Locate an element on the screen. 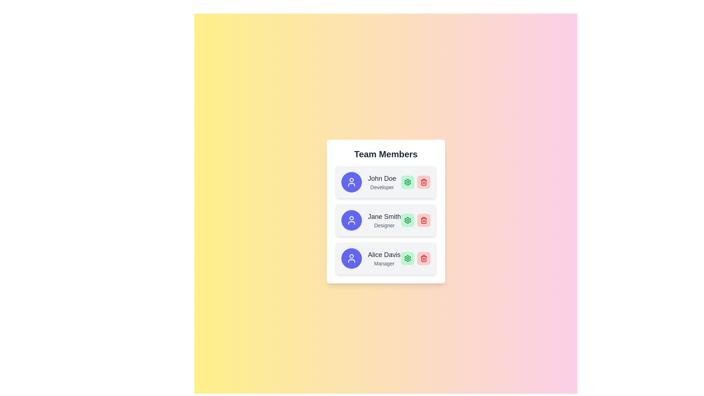 Image resolution: width=704 pixels, height=396 pixels. the green gear-shaped icon button located in the 'Team Members' section next to 'Jane Smith' is located at coordinates (407, 220).